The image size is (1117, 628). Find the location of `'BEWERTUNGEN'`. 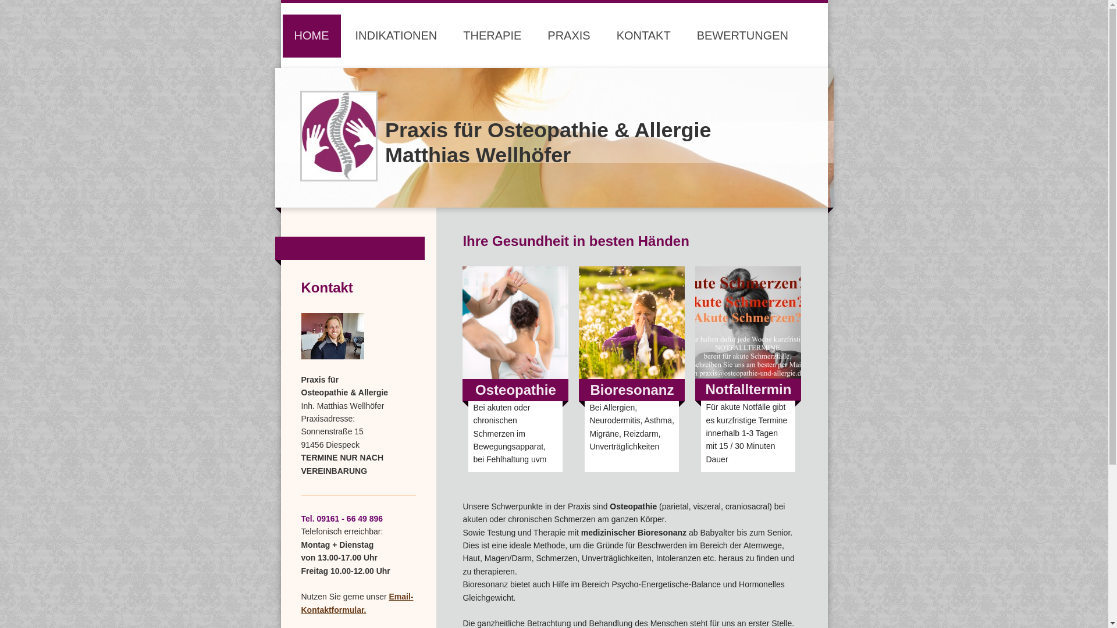

'BEWERTUNGEN' is located at coordinates (742, 35).